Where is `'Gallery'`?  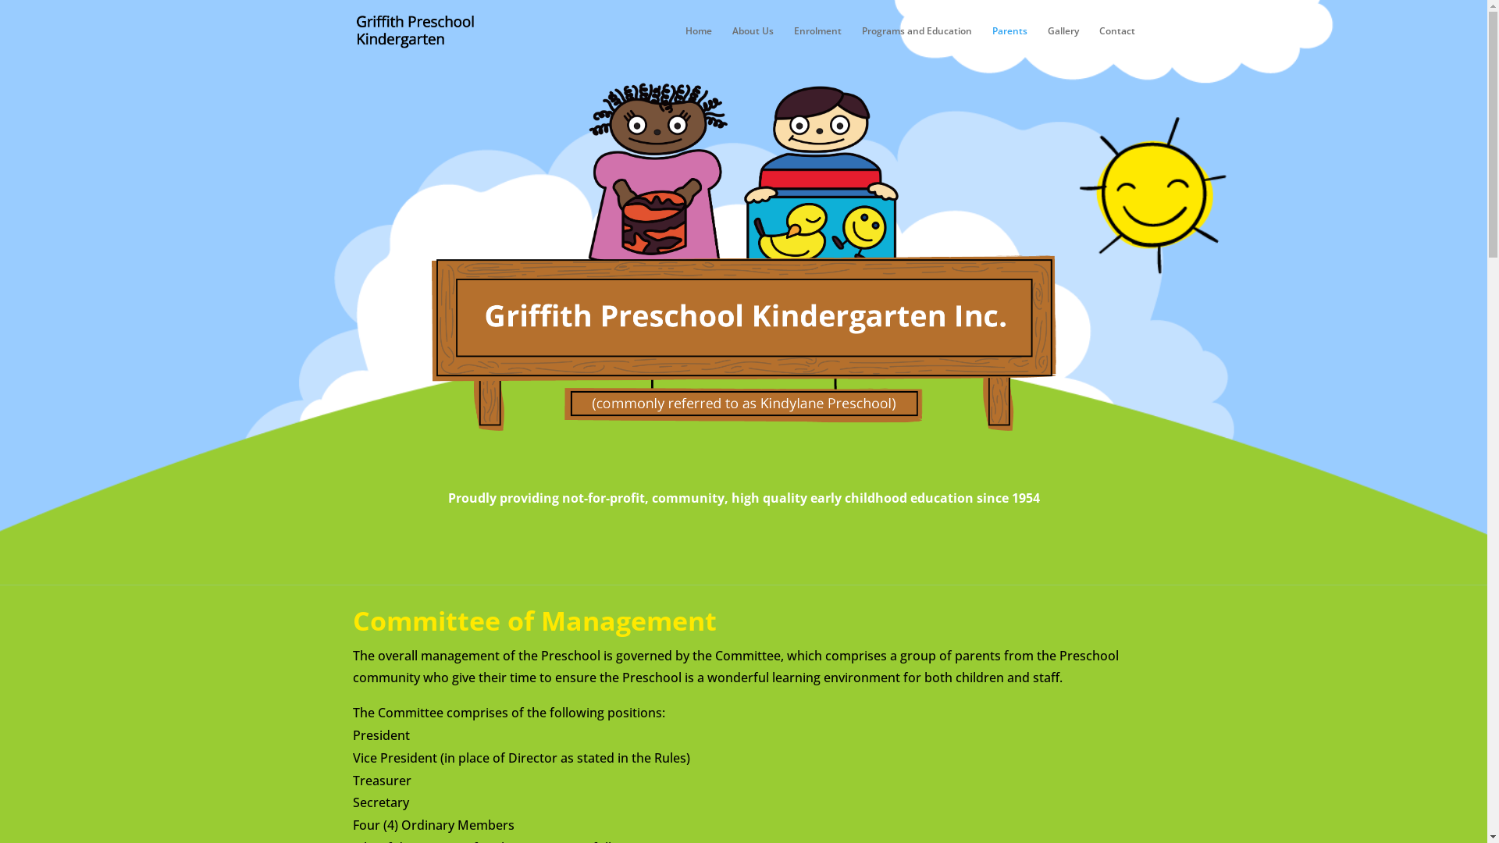 'Gallery' is located at coordinates (1063, 43).